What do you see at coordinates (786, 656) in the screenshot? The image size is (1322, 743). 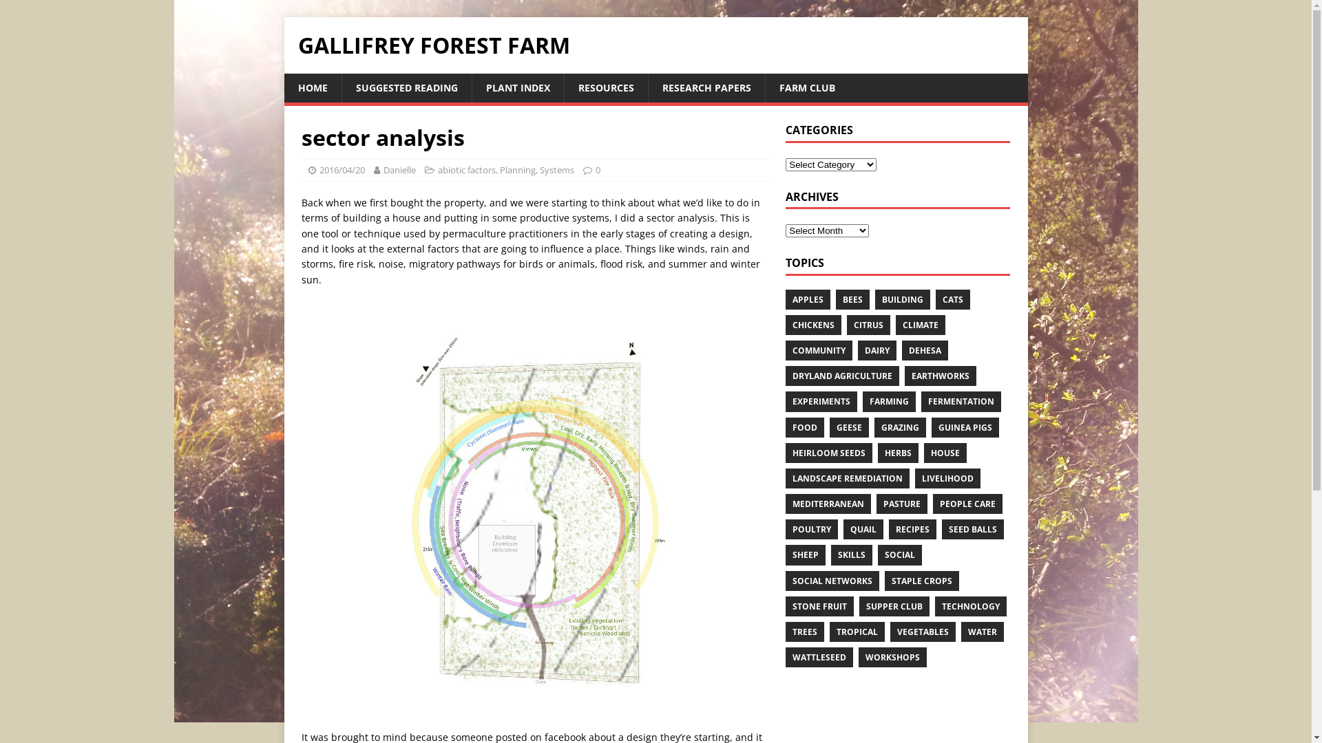 I see `'WATTLESEED'` at bounding box center [786, 656].